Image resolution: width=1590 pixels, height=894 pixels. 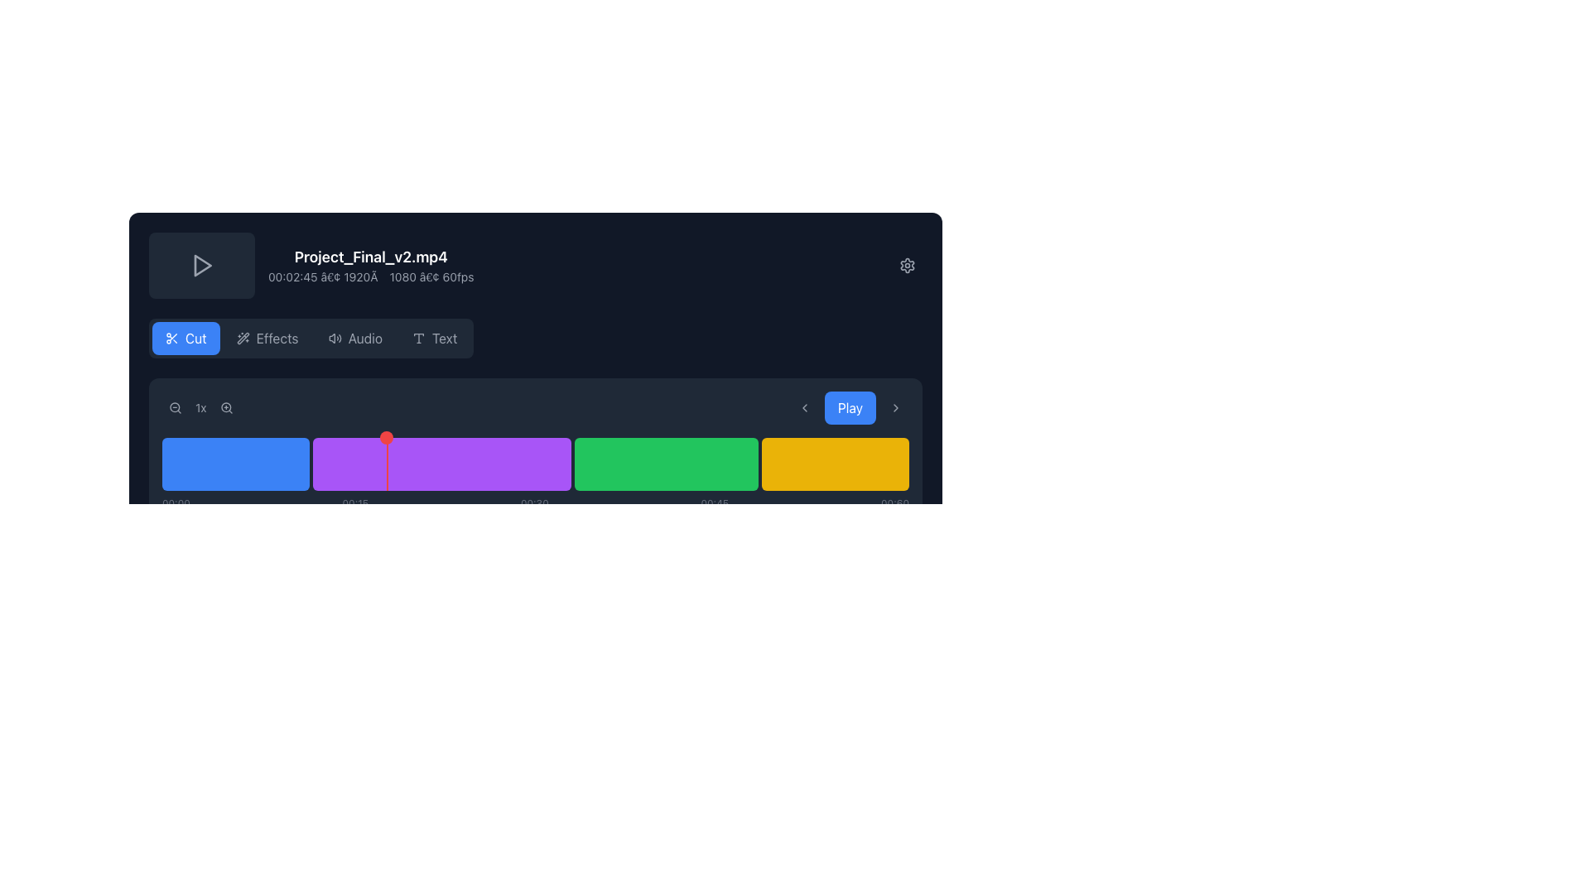 What do you see at coordinates (906, 264) in the screenshot?
I see `the button at the far-right corner of the section displaying information about the file 'Project_Final_v2.mp4'` at bounding box center [906, 264].